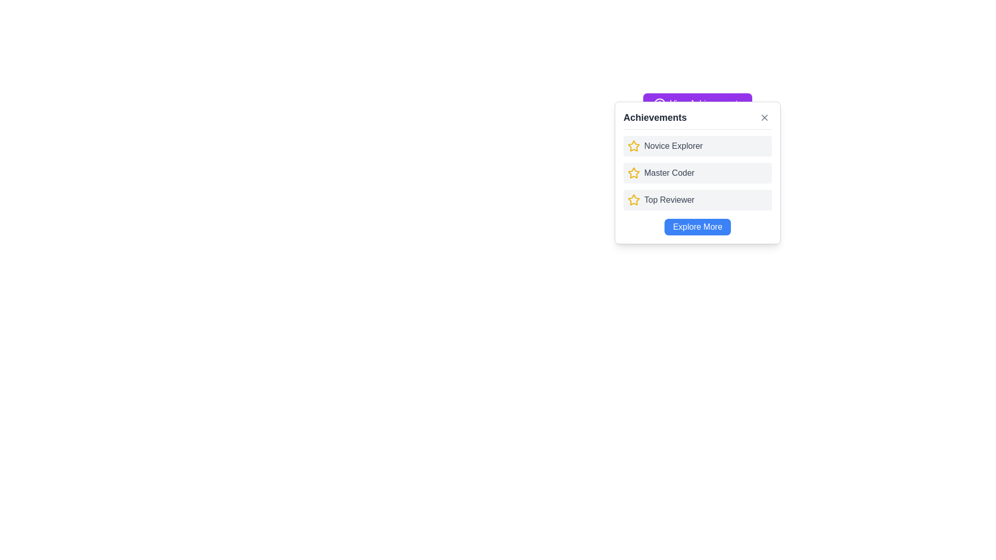 This screenshot has height=560, width=996. What do you see at coordinates (633, 172) in the screenshot?
I see `the star-shaped icon labeled 'Master Coder' in the 'Achievements' modal dialogue box, which is filled with yellow and is the second of three vertically displayed star icons` at bounding box center [633, 172].